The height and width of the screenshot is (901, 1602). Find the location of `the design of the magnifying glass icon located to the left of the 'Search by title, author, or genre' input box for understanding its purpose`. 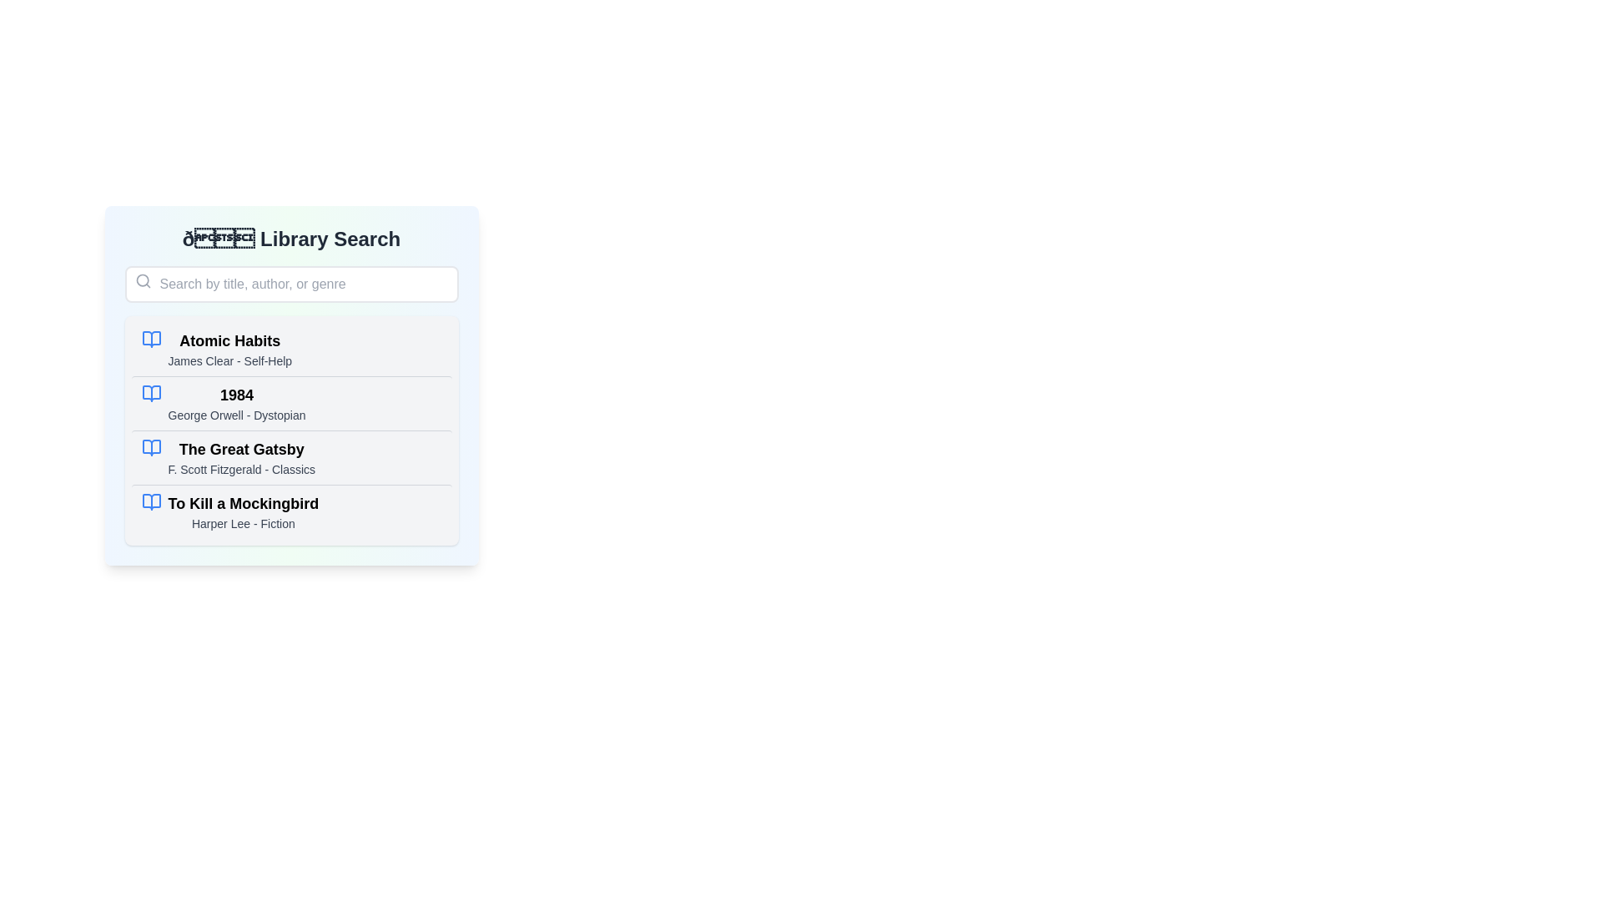

the design of the magnifying glass icon located to the left of the 'Search by title, author, or genre' input box for understanding its purpose is located at coordinates (143, 279).